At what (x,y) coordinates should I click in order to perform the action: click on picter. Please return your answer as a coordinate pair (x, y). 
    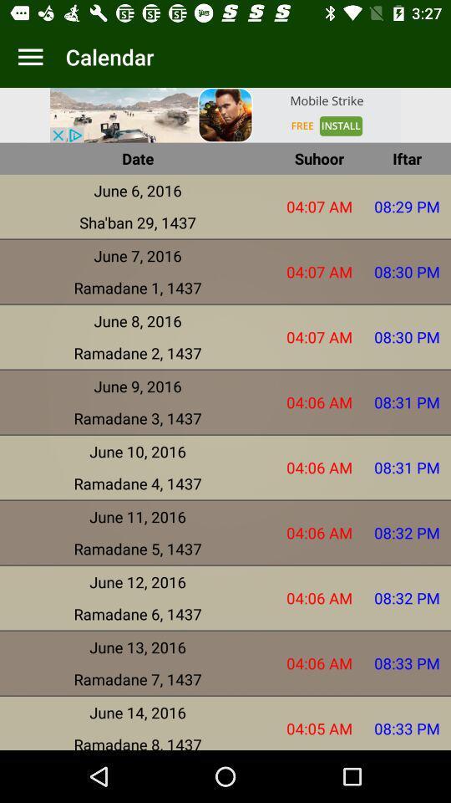
    Looking at the image, I should click on (225, 114).